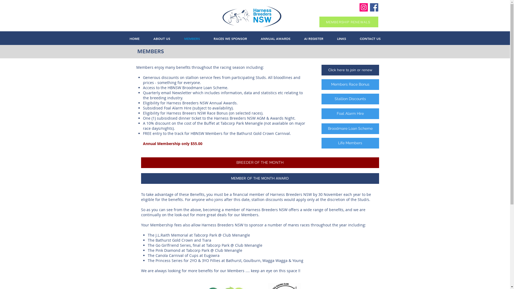 This screenshot has width=514, height=289. What do you see at coordinates (313, 38) in the screenshot?
I see `'AI REGISTER'` at bounding box center [313, 38].